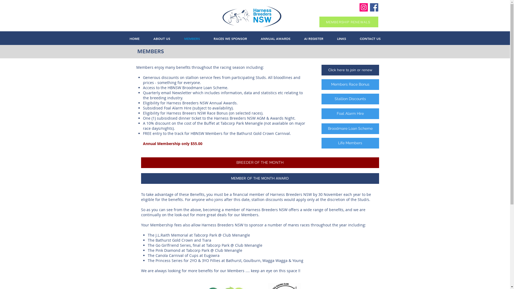 This screenshot has width=514, height=289. What do you see at coordinates (313, 38) in the screenshot?
I see `'AI REGISTER'` at bounding box center [313, 38].